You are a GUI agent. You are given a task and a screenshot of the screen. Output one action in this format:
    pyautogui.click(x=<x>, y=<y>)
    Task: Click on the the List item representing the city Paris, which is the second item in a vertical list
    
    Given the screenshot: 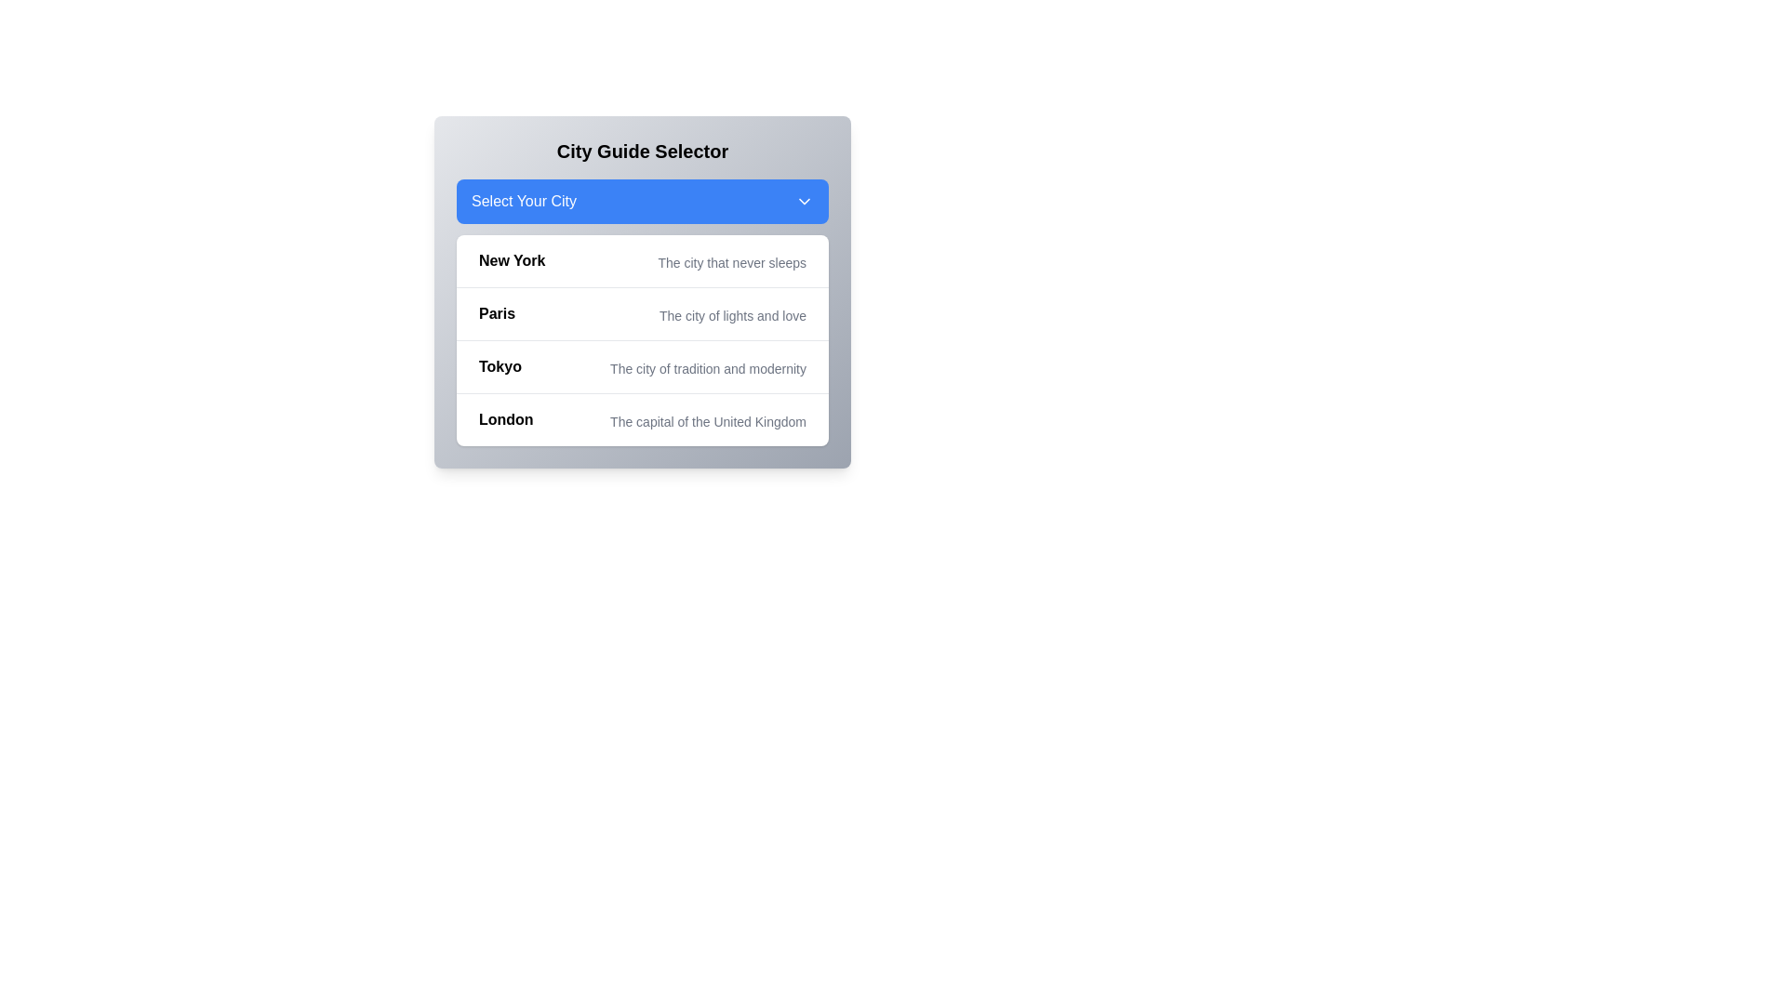 What is the action you would take?
    pyautogui.click(x=643, y=311)
    